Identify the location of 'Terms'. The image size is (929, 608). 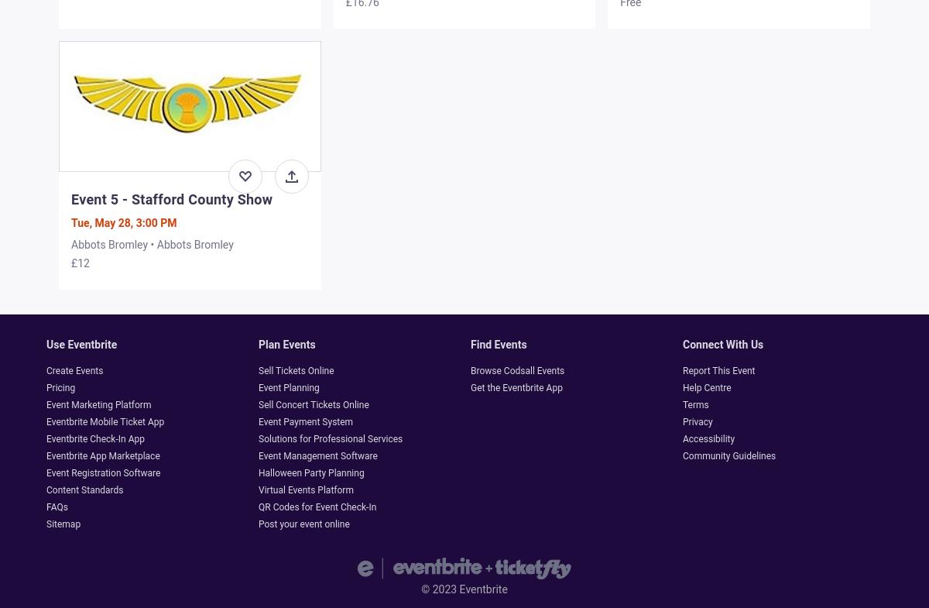
(694, 404).